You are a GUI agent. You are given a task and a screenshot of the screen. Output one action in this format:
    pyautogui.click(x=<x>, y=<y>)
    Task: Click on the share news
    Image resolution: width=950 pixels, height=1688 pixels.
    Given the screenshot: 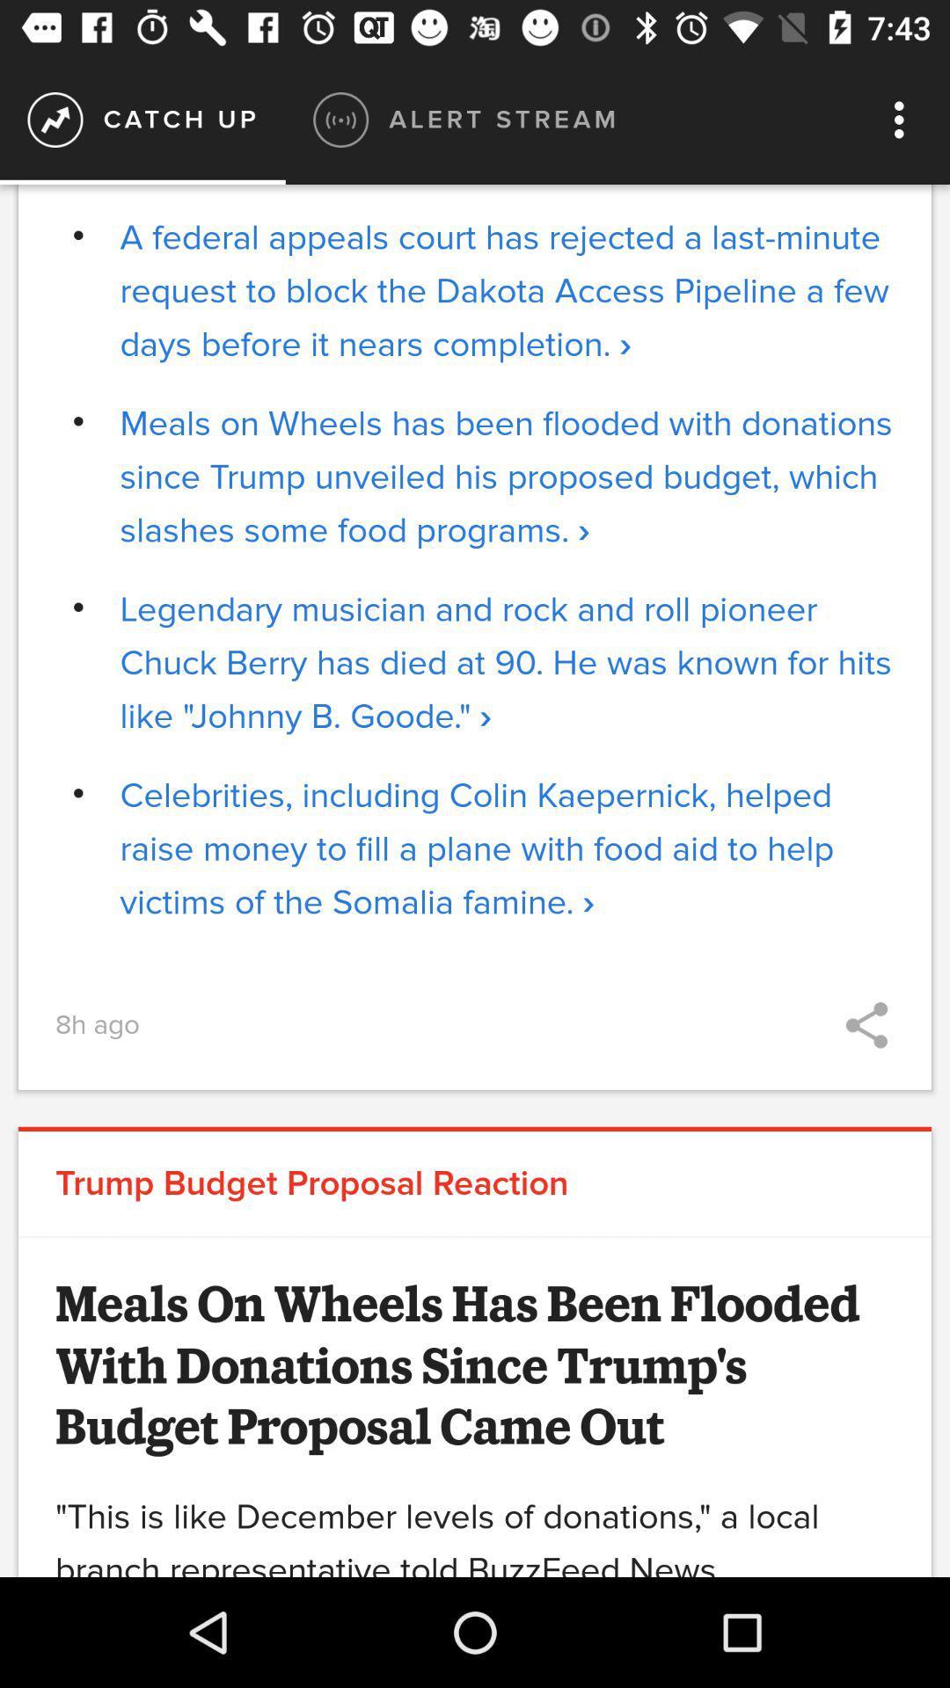 What is the action you would take?
    pyautogui.click(x=866, y=1025)
    